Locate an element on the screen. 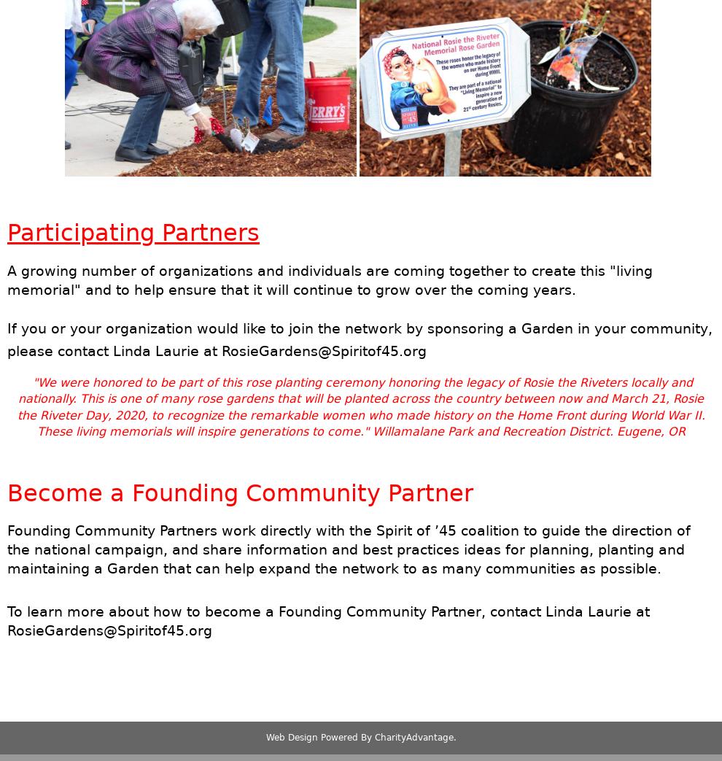  'Participating Partners' is located at coordinates (133, 231).